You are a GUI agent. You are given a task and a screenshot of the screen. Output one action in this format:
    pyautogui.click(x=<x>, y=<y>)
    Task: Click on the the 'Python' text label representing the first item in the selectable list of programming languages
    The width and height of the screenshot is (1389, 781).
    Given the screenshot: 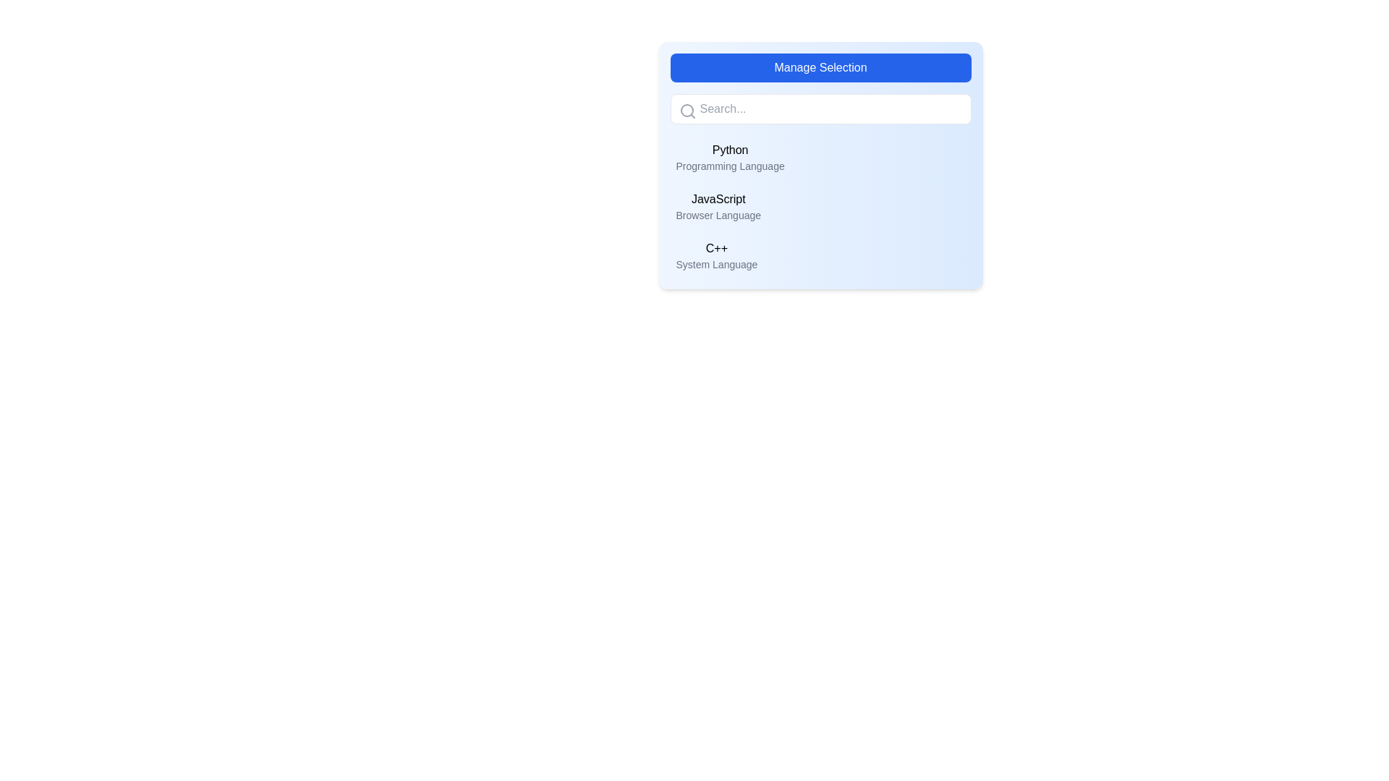 What is the action you would take?
    pyautogui.click(x=730, y=158)
    